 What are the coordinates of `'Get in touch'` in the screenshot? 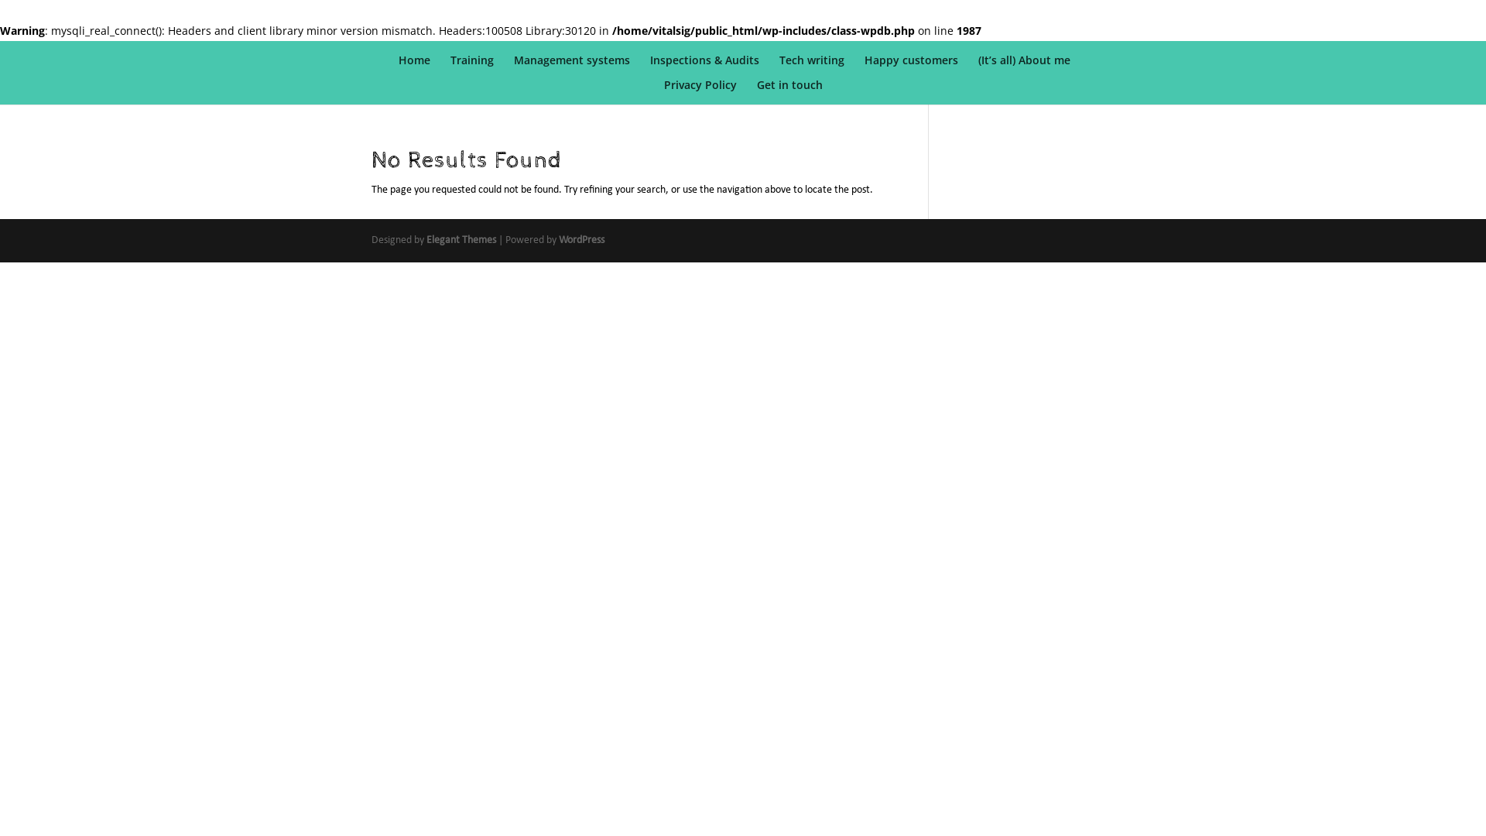 It's located at (789, 92).